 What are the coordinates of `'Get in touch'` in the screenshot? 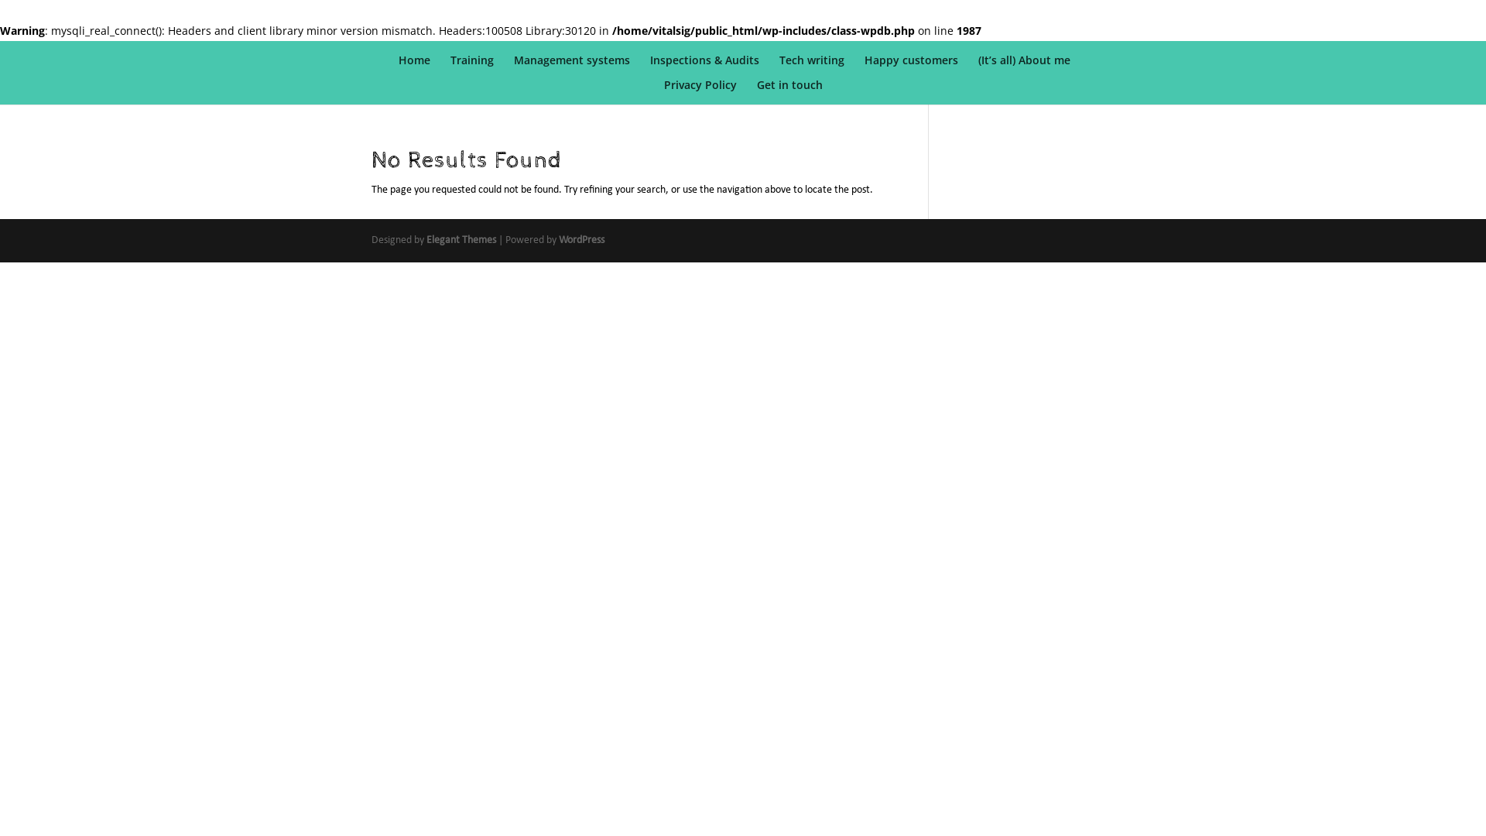 It's located at (789, 92).